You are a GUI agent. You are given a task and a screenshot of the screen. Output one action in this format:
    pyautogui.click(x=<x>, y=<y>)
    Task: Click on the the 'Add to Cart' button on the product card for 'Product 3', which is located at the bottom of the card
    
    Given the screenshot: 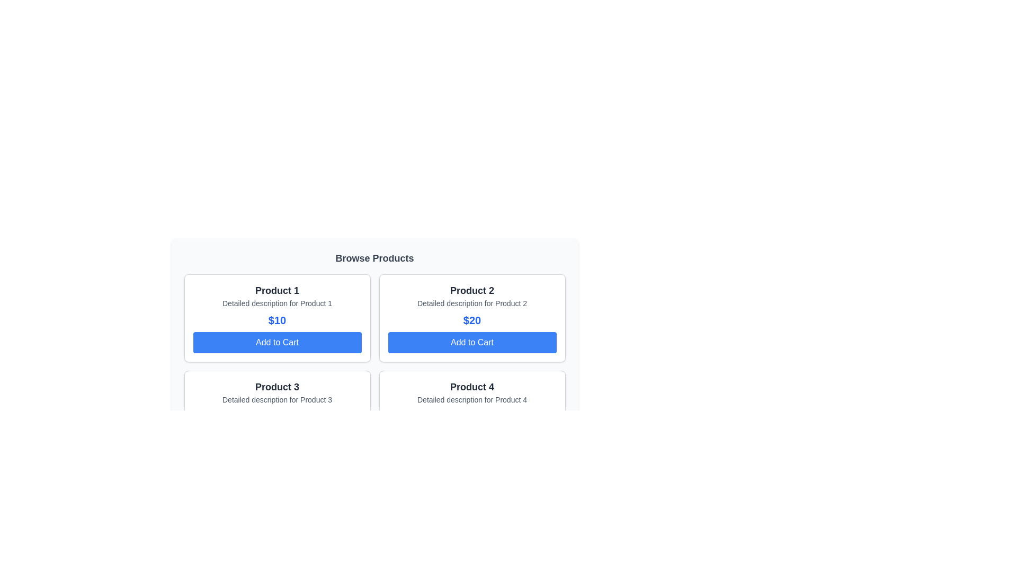 What is the action you would take?
    pyautogui.click(x=277, y=414)
    